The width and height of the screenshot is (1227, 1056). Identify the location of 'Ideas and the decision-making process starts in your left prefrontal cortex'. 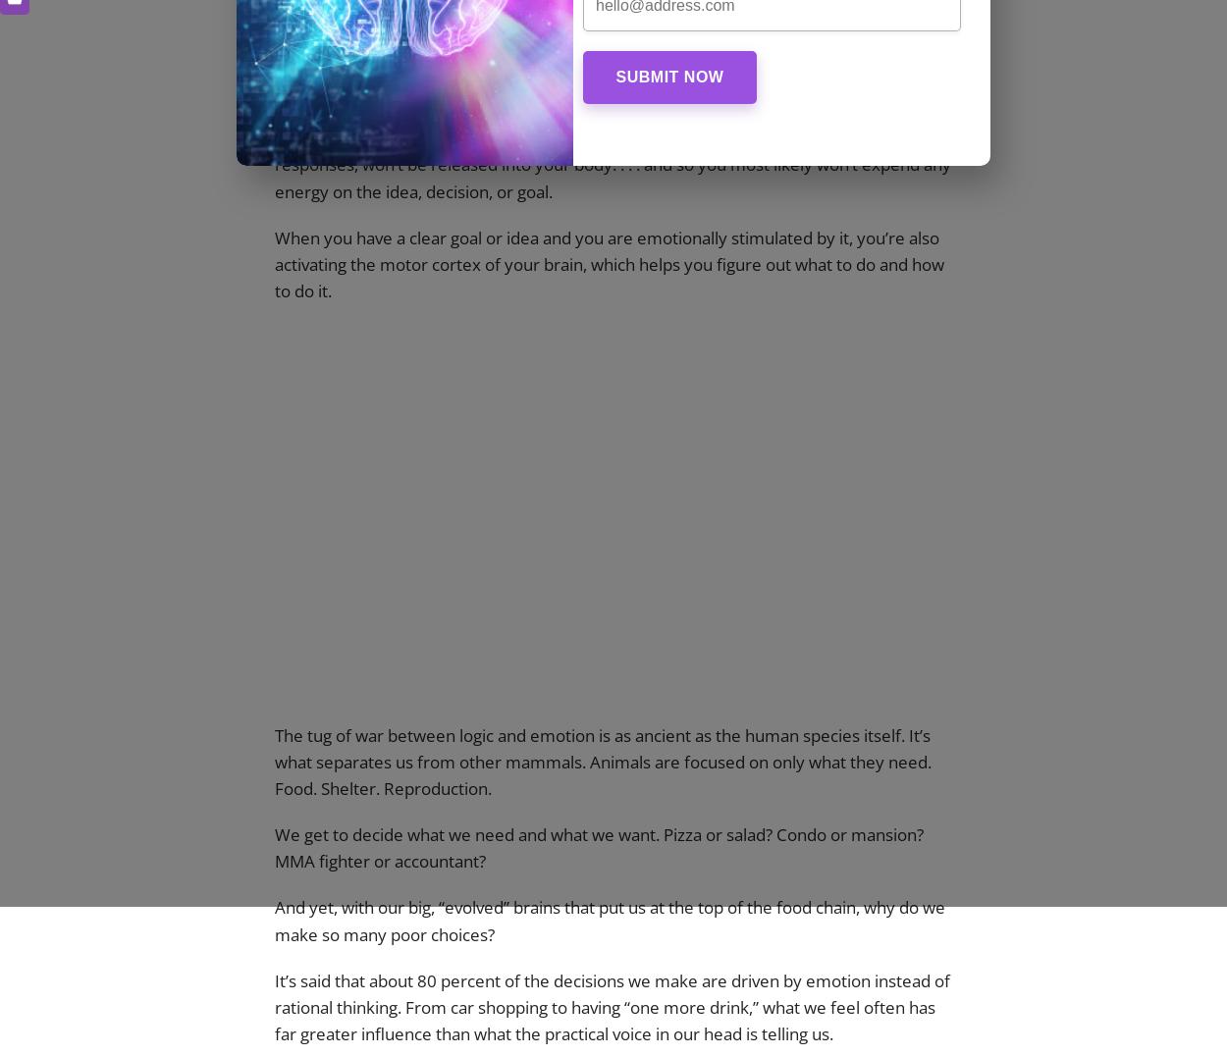
(580, 36).